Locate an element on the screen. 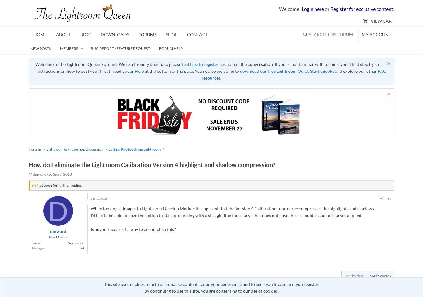  'Editing Photos Using Lightroom' is located at coordinates (134, 149).